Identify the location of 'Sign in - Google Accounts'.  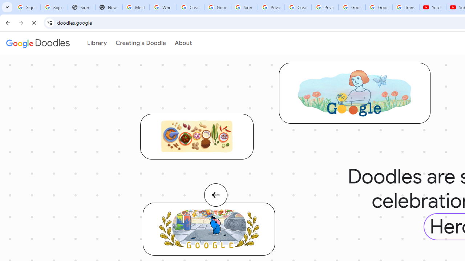
(244, 7).